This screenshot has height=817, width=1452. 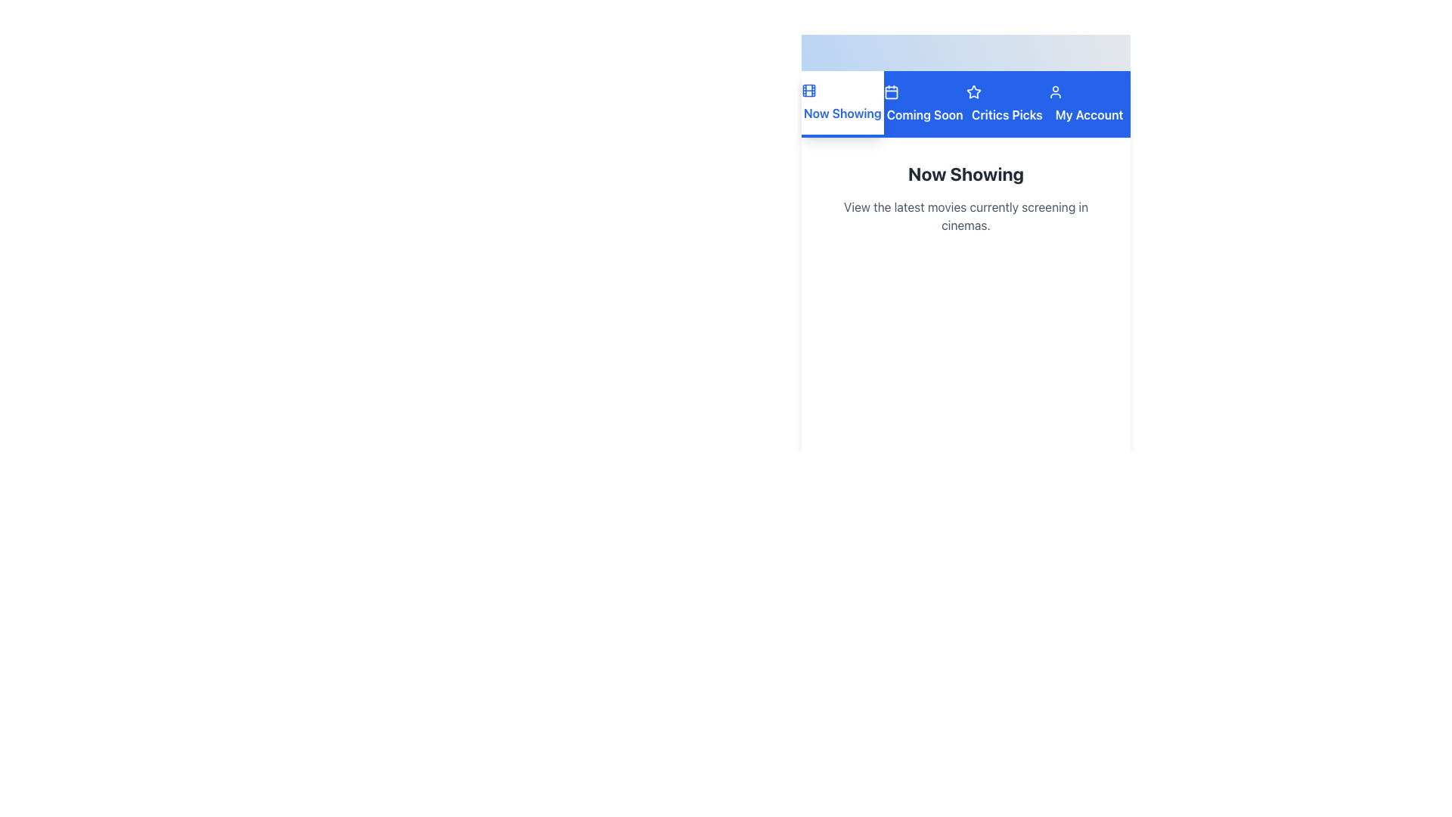 I want to click on the 'Coming Soon' icon located in the top navigation bar, positioned between the 'Now Showing' and 'Critics Picks' buttons, so click(x=891, y=92).